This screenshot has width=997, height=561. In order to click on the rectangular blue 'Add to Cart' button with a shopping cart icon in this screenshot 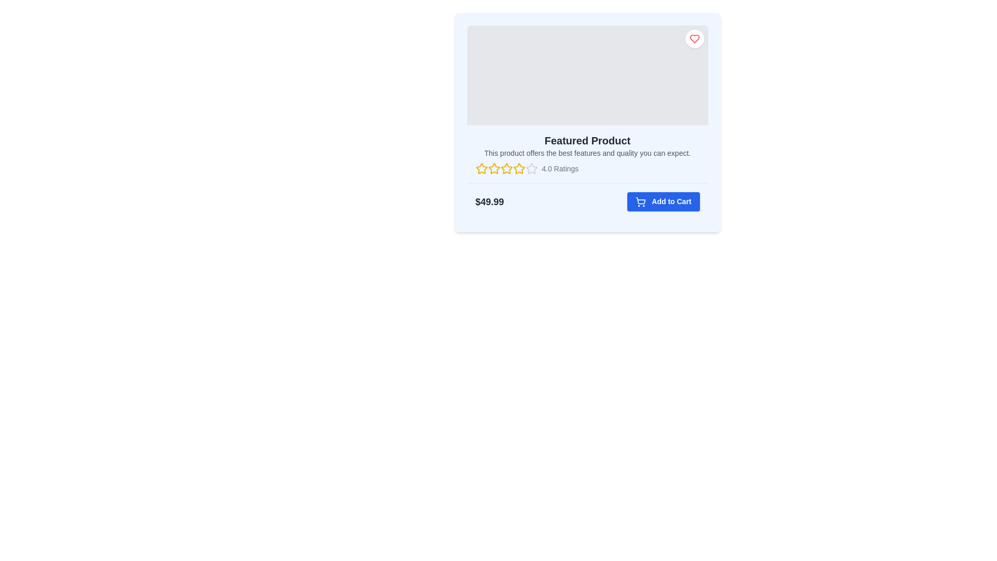, I will do `click(663, 202)`.